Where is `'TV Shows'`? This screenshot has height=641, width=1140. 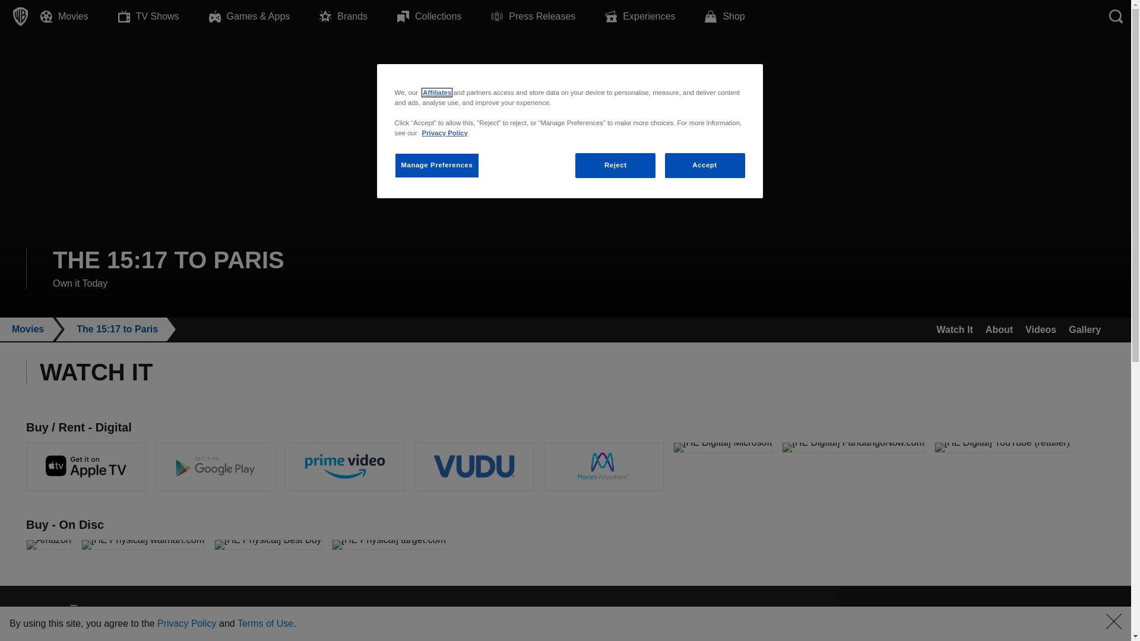
'TV Shows' is located at coordinates (163, 16).